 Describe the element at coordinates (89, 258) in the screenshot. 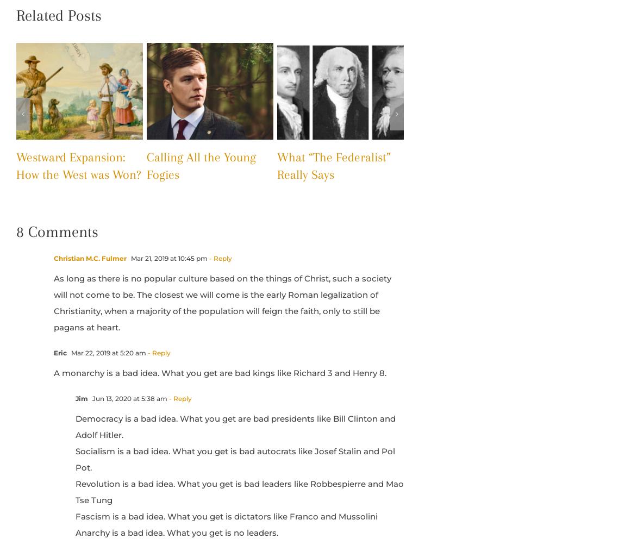

I see `'Christian M.C. Fulmer'` at that location.